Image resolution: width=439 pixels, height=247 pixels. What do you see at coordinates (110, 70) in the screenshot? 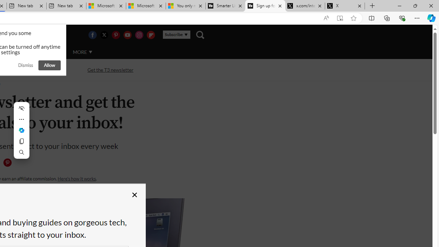
I see `'Get the T3 newsletter'` at bounding box center [110, 70].